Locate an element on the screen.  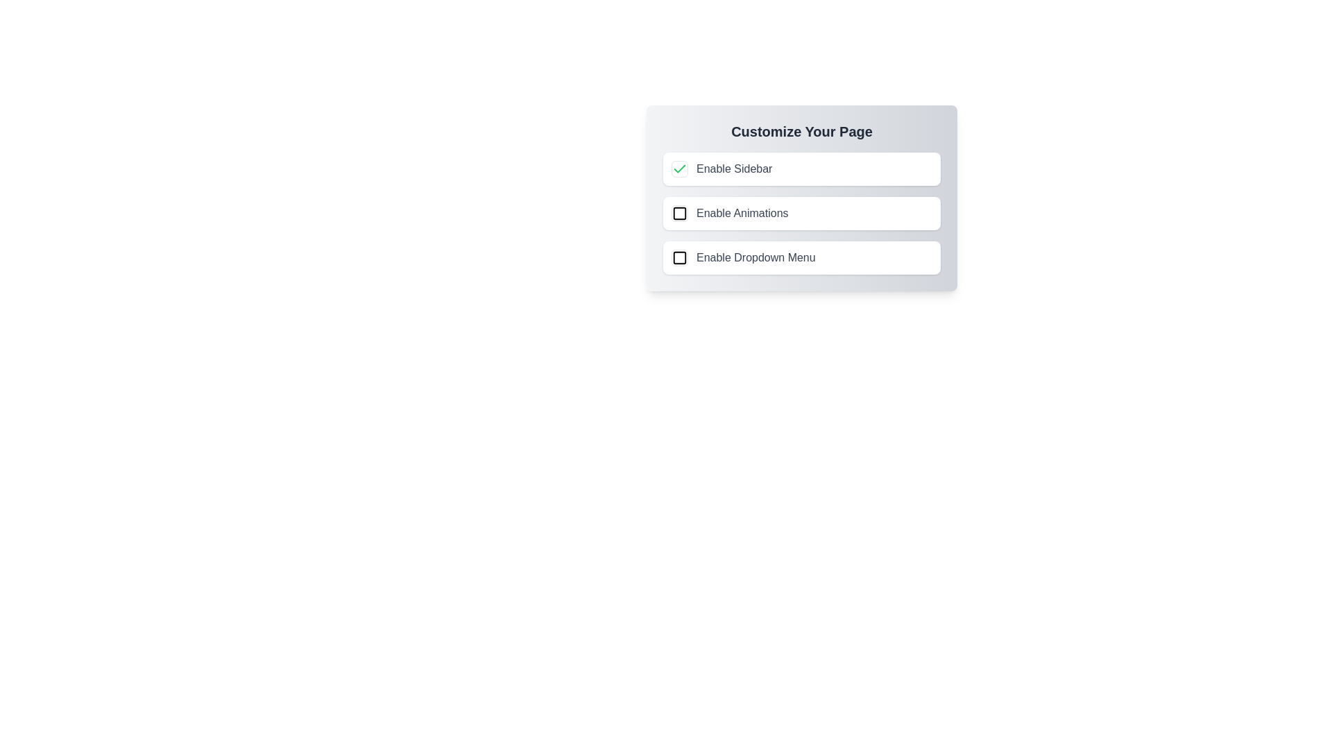
the checkbox-like toggle button is located at coordinates (679, 214).